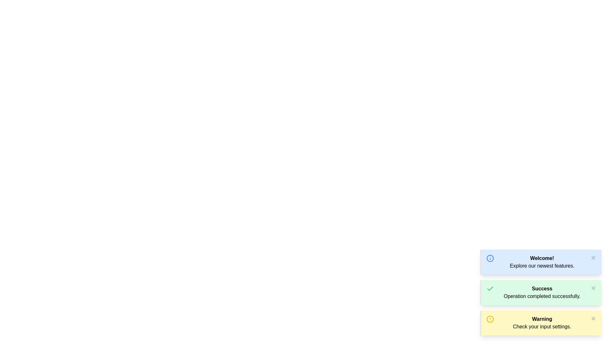  Describe the element at coordinates (490, 319) in the screenshot. I see `the circular graphical component with a yellow border located in the bottom notification card titled 'Warning: Check your input settings'` at that location.